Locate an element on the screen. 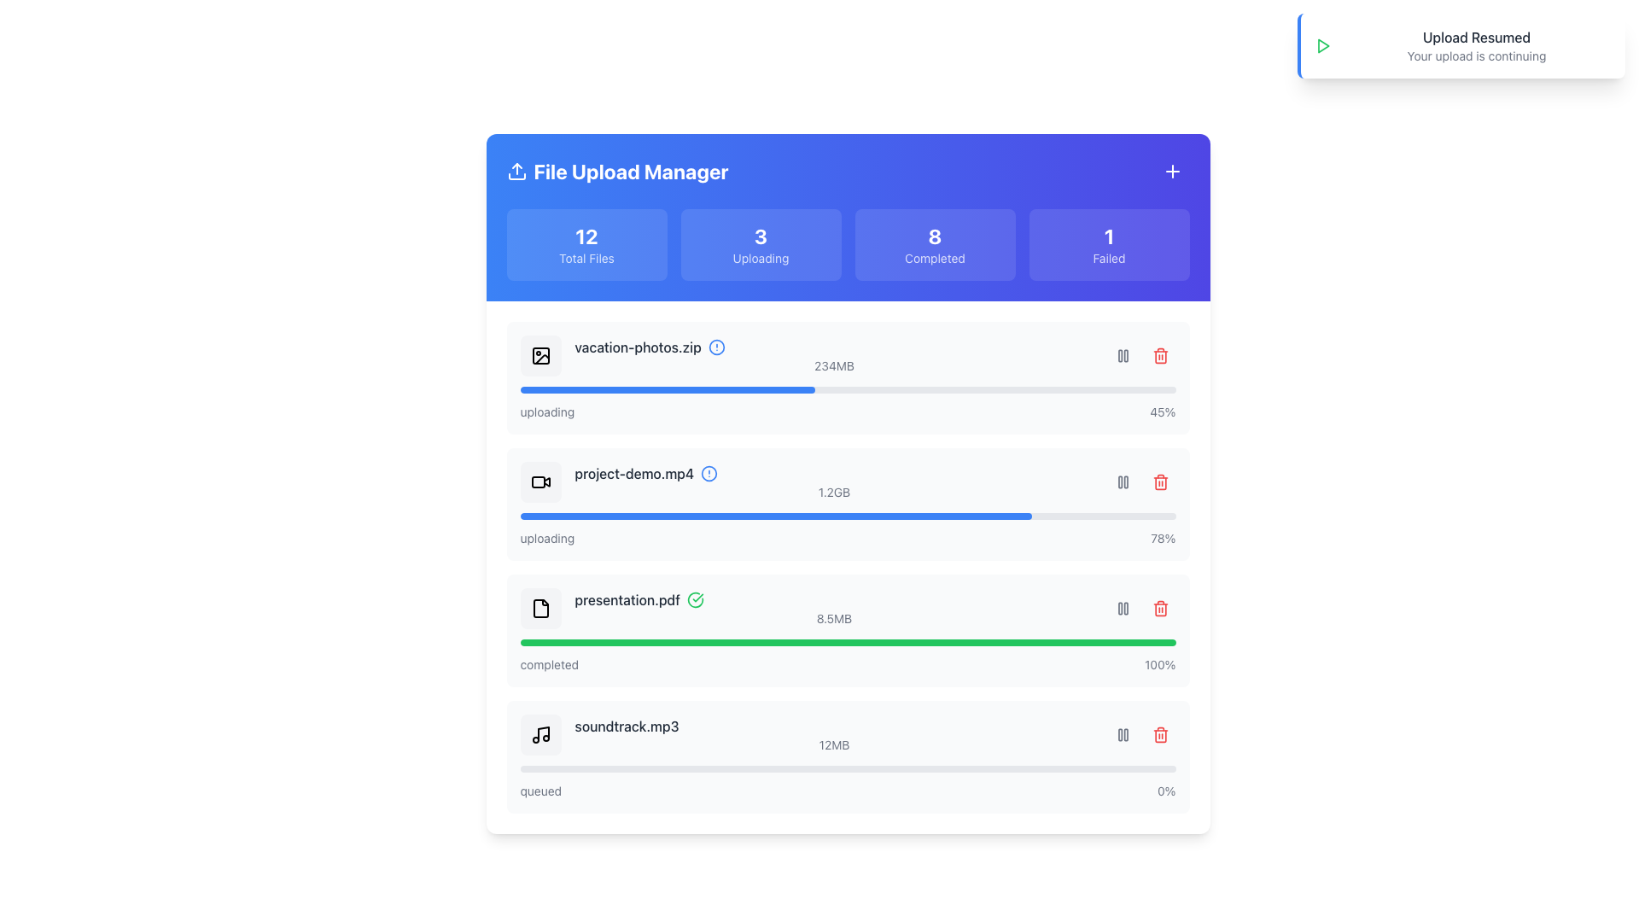  the numeric display text label indicating the count of items currently in the 'Uploading' status, located in the blue card at the top-center of the interface is located at coordinates (760, 236).